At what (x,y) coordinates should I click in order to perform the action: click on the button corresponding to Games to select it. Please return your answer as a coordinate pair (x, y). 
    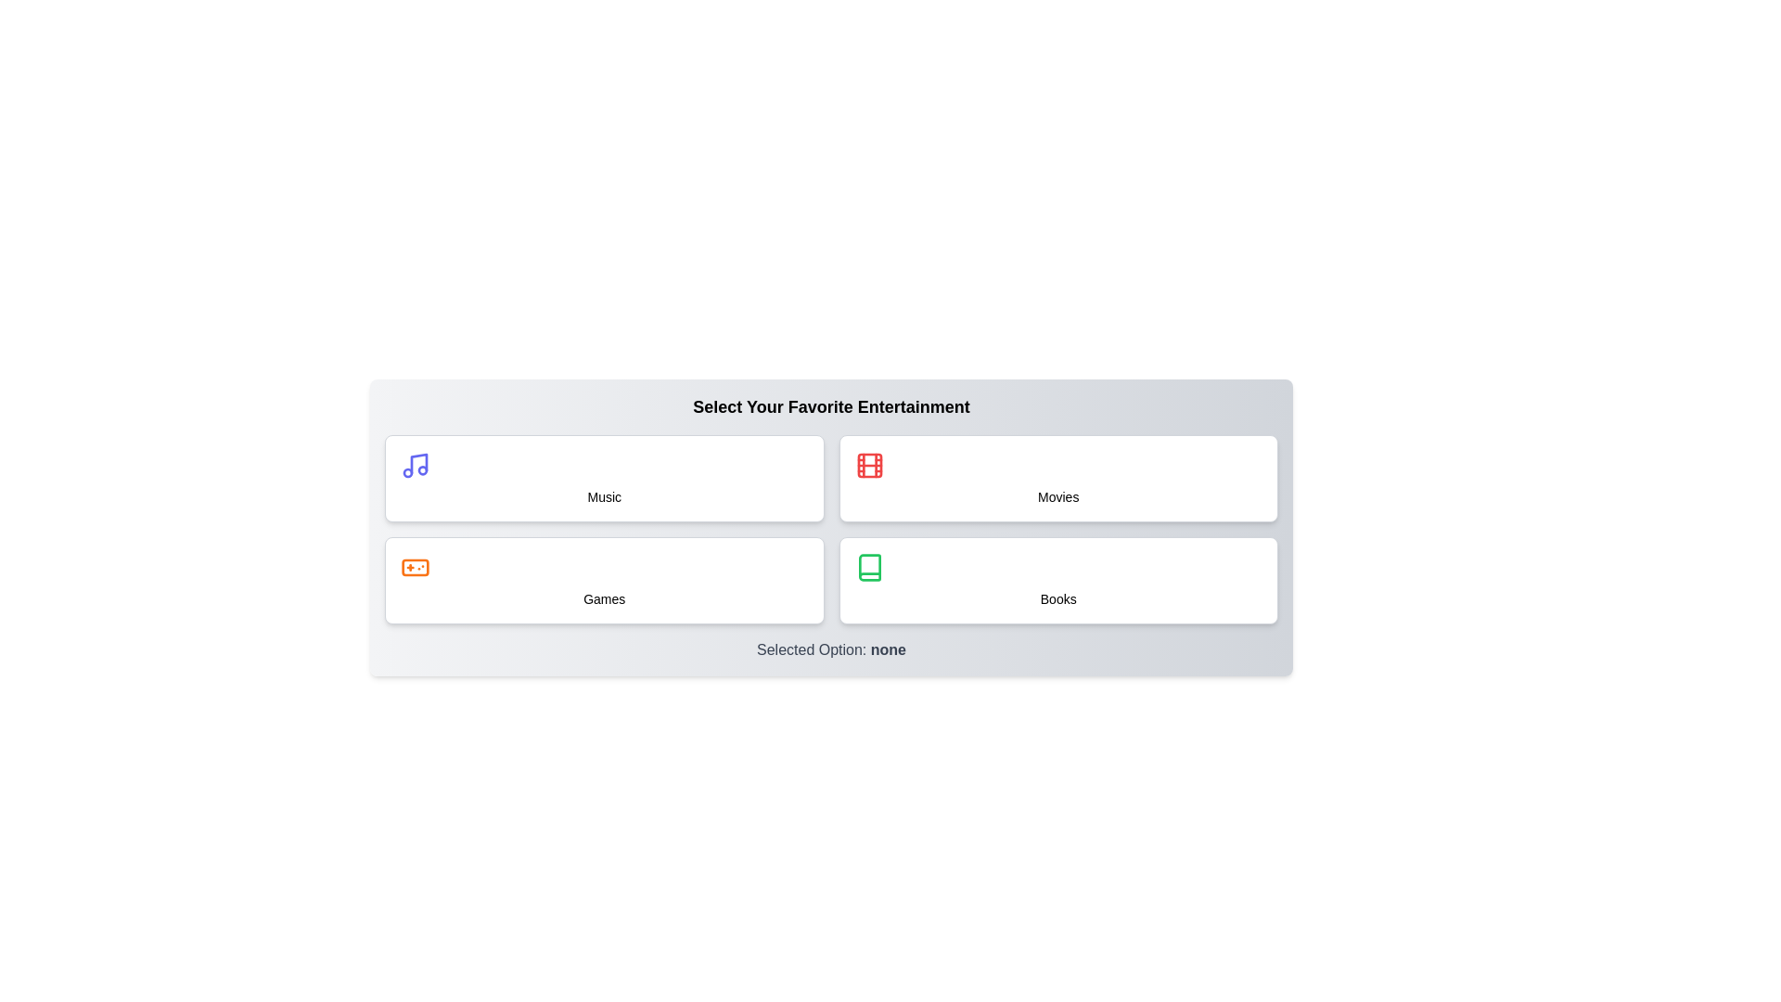
    Looking at the image, I should click on (604, 579).